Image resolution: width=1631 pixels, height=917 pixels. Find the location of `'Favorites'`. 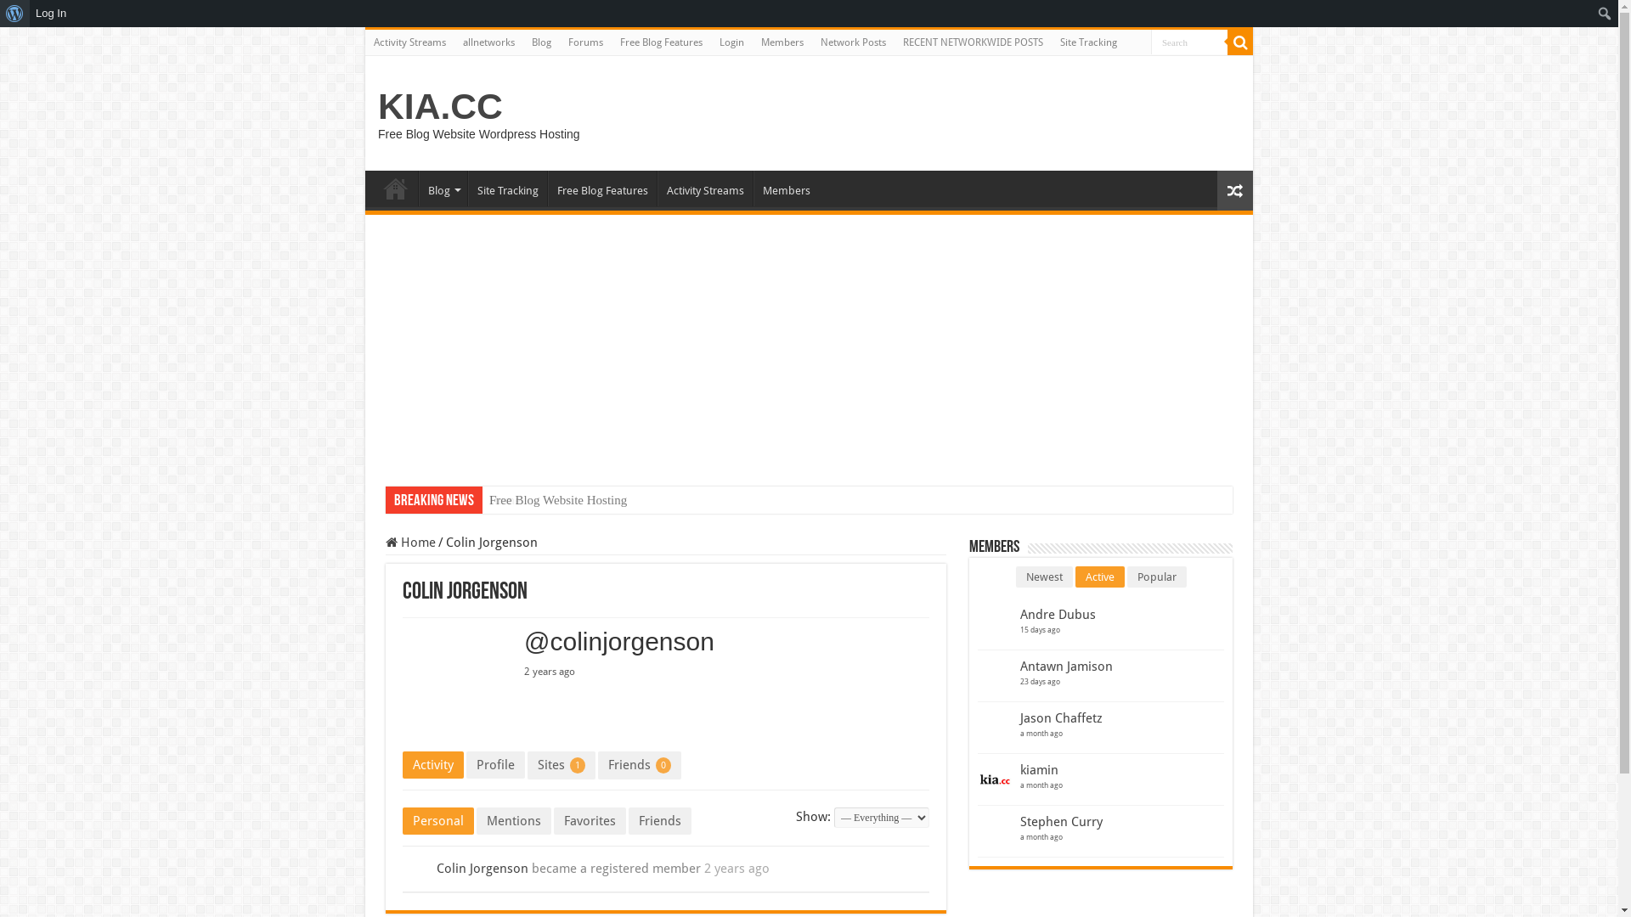

'Favorites' is located at coordinates (590, 820).